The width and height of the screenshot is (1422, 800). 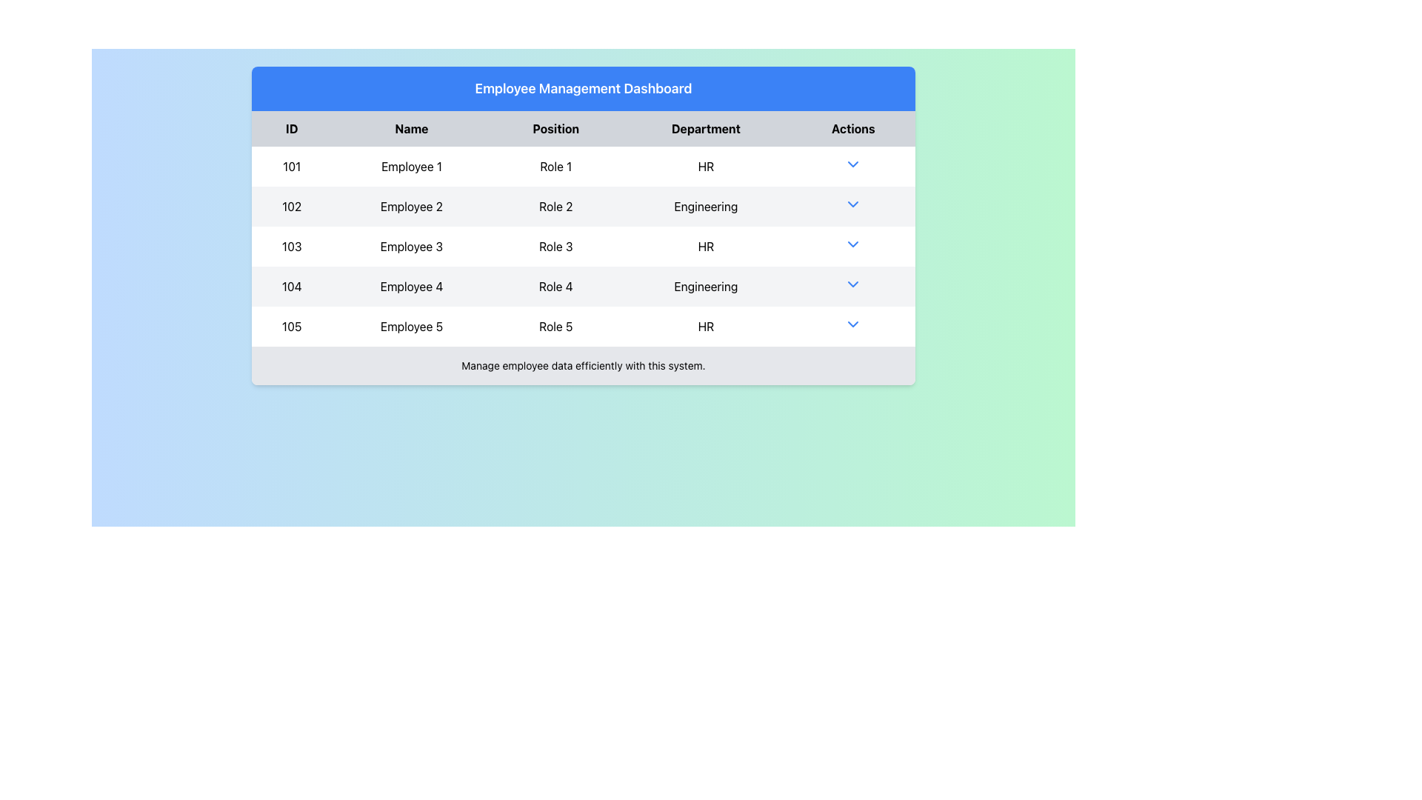 I want to click on the Text Label displaying the name of an employee located in the second column of the first data row under the 'Name' header, so click(x=412, y=166).